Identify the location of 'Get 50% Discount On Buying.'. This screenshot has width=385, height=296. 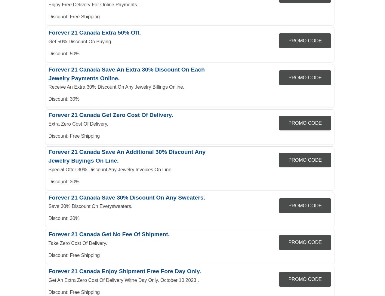
(80, 41).